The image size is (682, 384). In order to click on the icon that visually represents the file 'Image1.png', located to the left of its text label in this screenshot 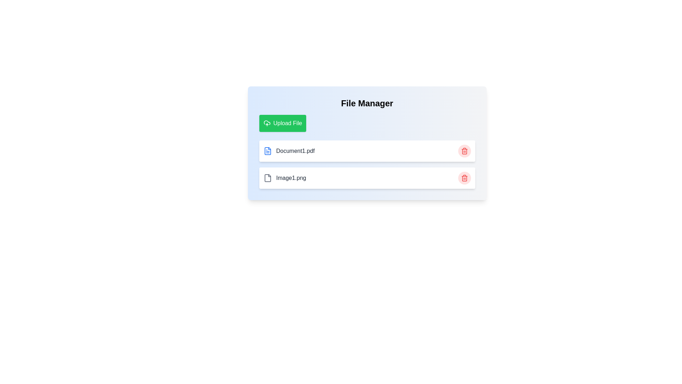, I will do `click(267, 178)`.